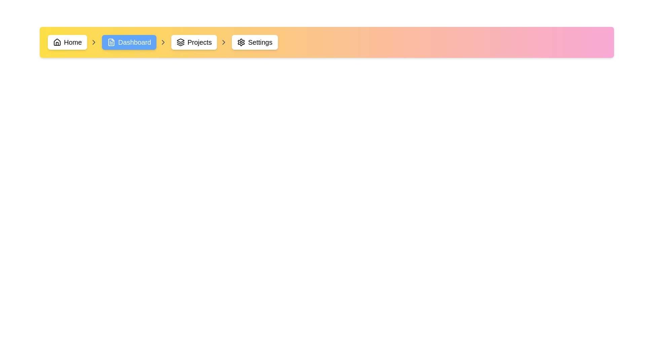 Image resolution: width=646 pixels, height=363 pixels. I want to click on the house-shaped icon located in the navigation bar, adjacent to the text 'Home', so click(57, 42).